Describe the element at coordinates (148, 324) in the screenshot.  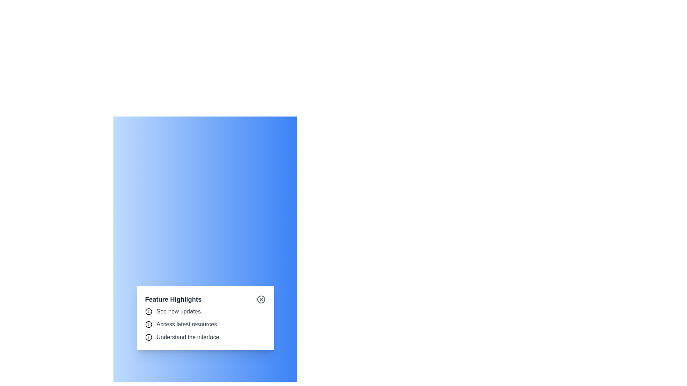
I see `the icon located to the left of the text 'Access latest resources.' which is the second item in a vertical list of three icons for further interaction` at that location.